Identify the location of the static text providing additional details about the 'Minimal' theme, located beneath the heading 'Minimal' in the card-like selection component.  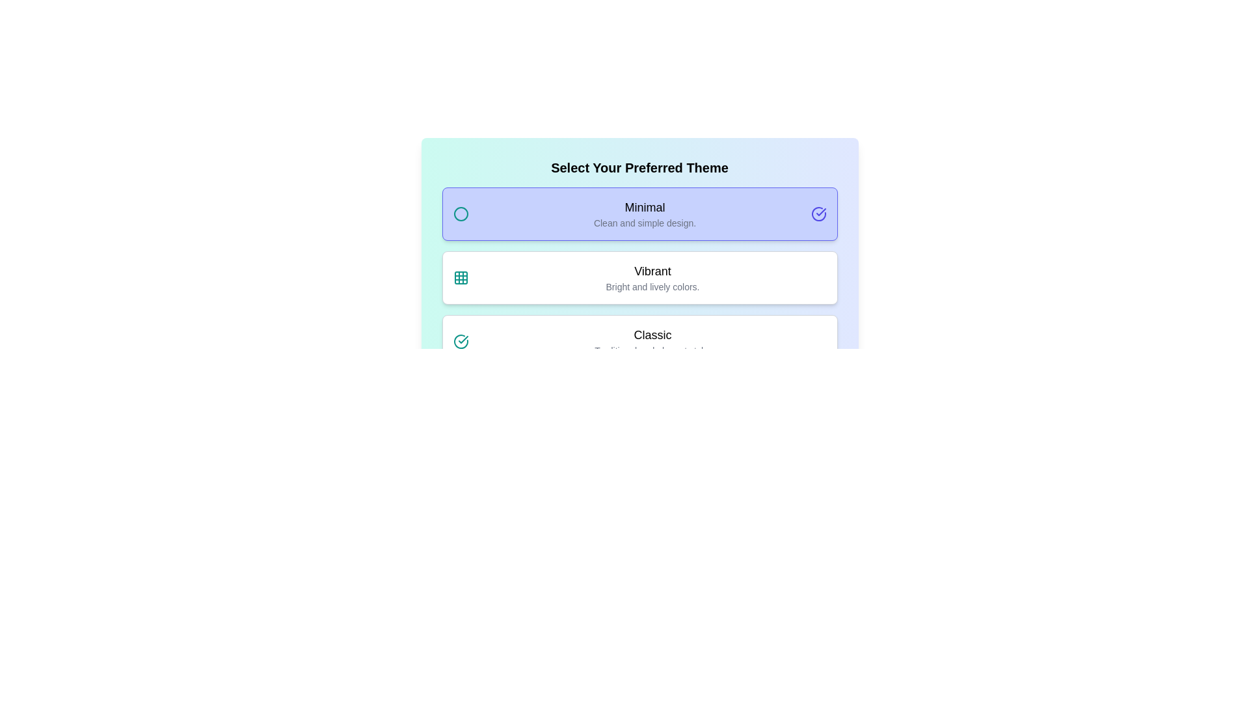
(645, 223).